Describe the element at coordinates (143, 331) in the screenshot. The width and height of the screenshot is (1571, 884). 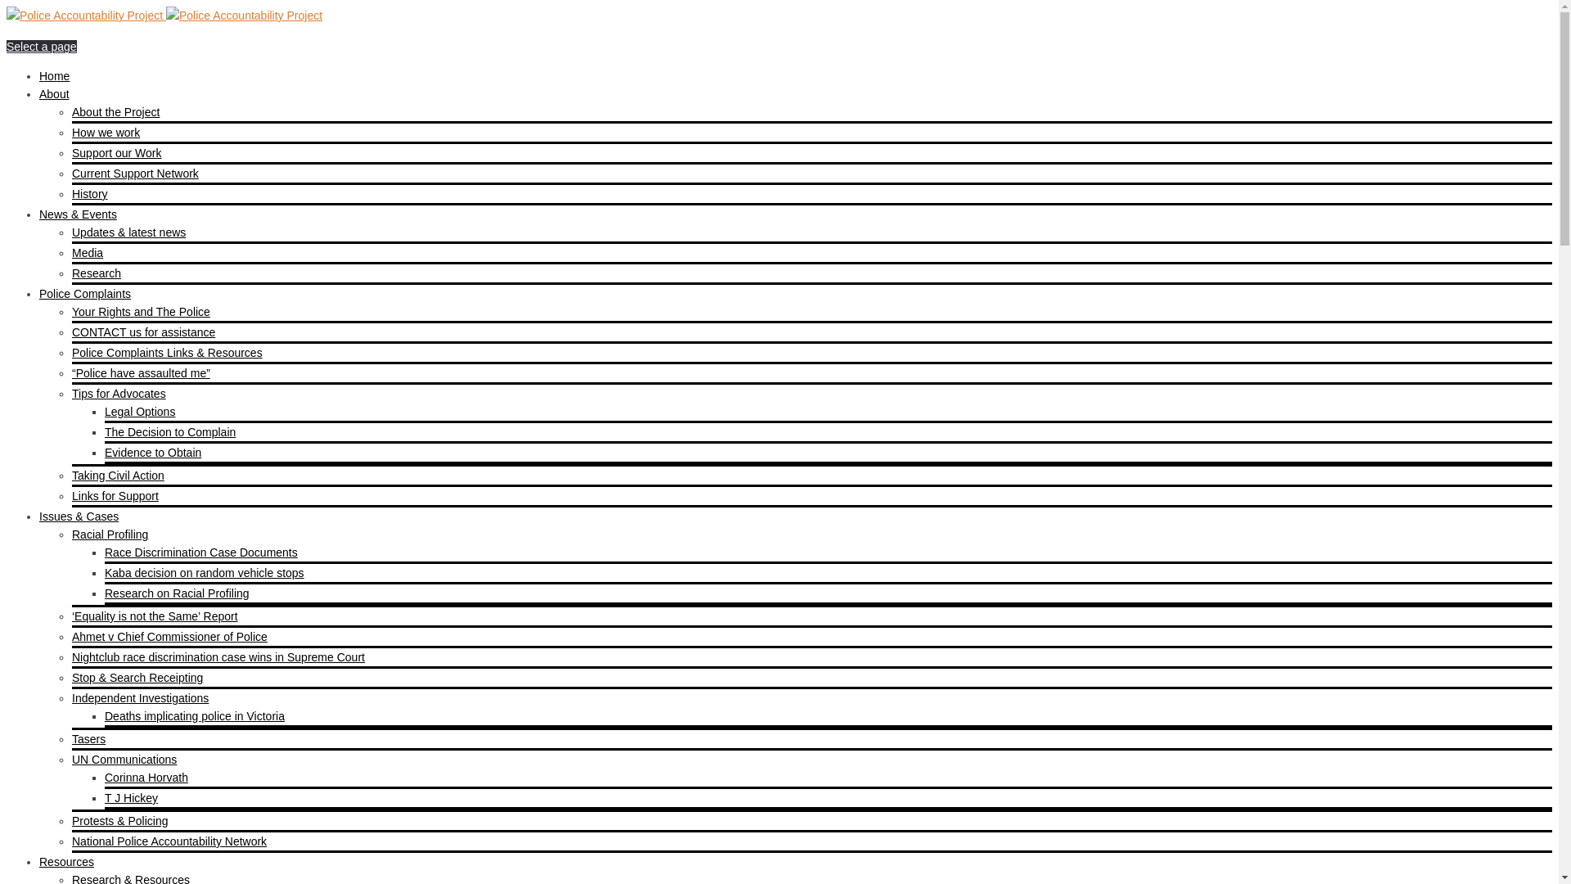
I see `'CONTACT us for assistance'` at that location.